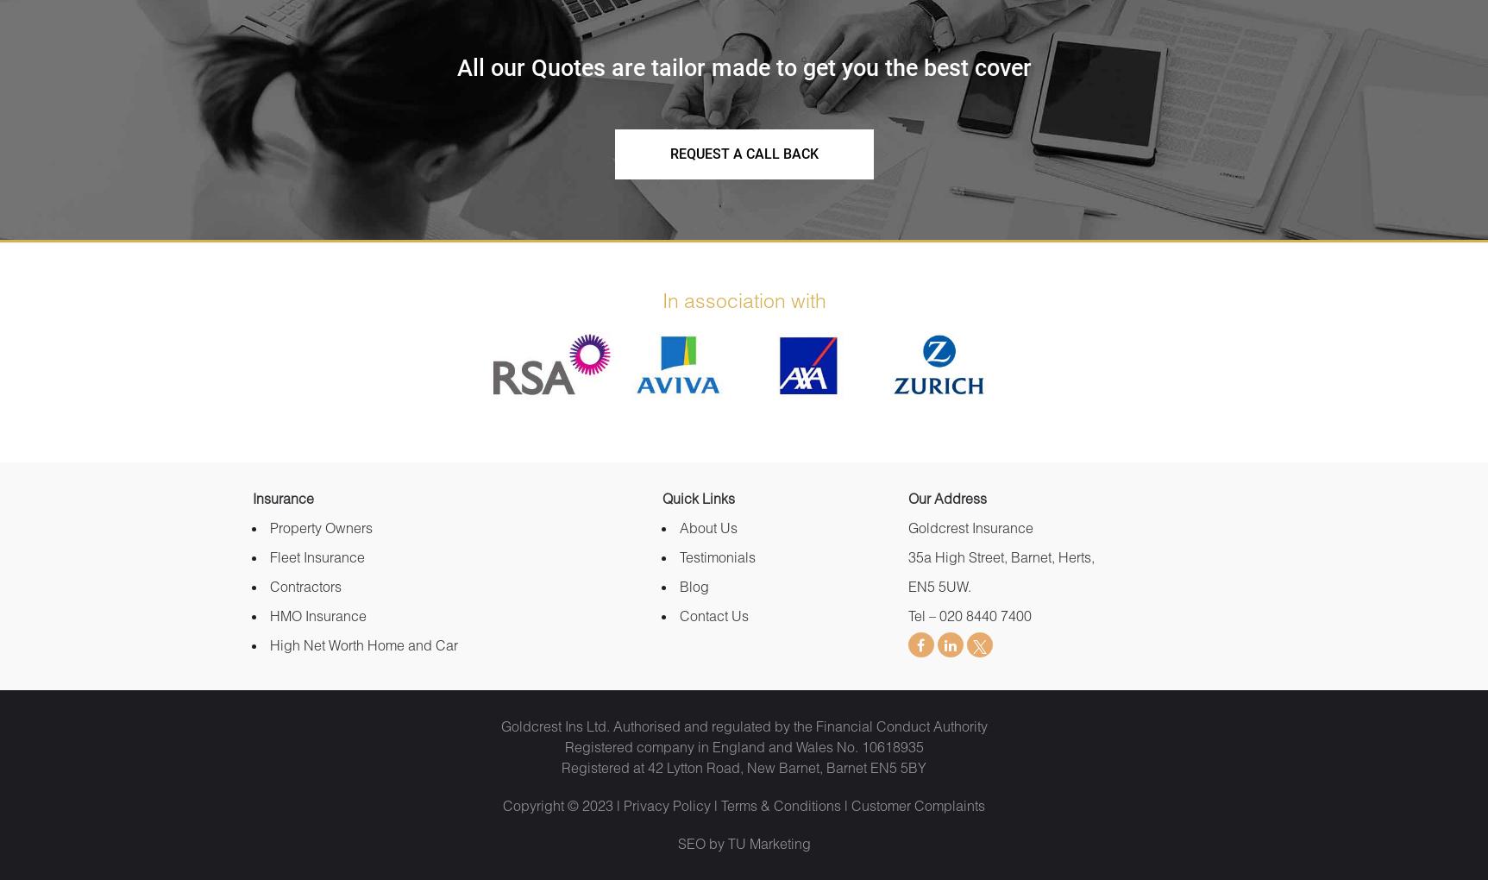  Describe the element at coordinates (743, 152) in the screenshot. I see `'Request a Call Back'` at that location.